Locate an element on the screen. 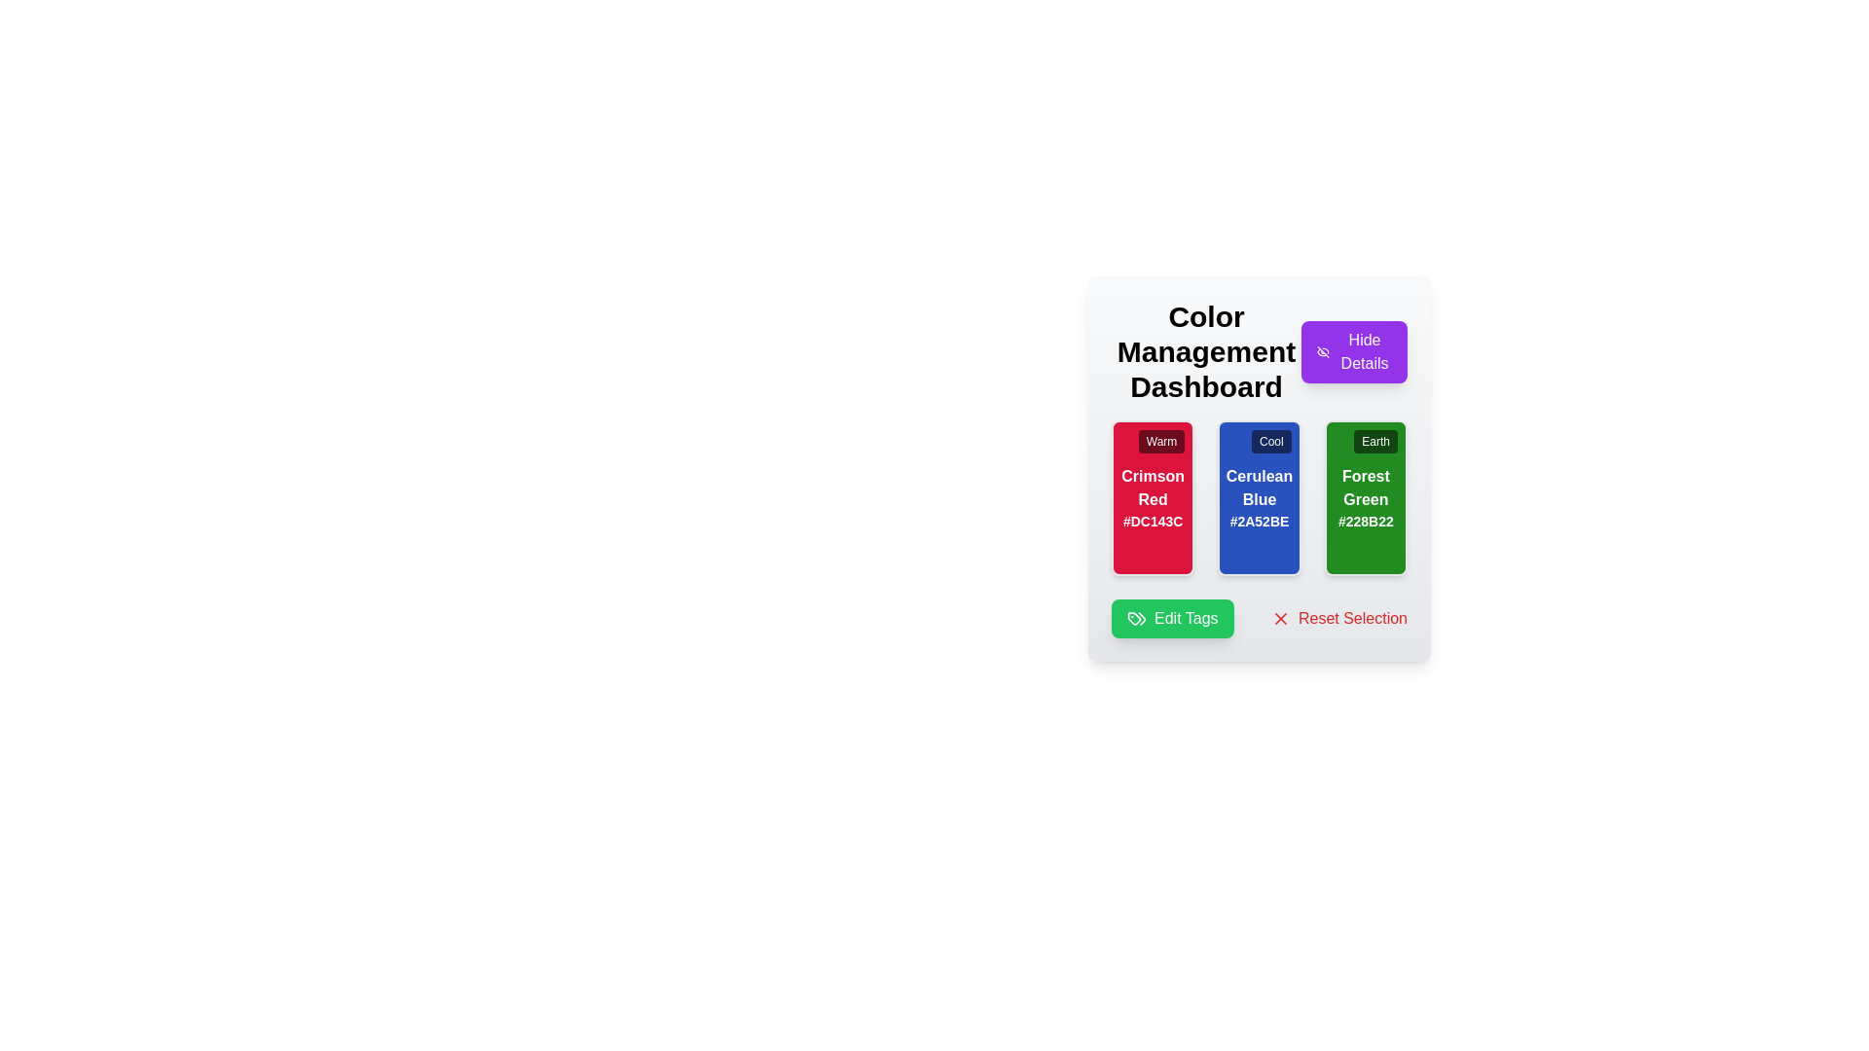  the bold, large title text label reading 'Color Management Dashboard', which is centrally located at the top of the interface, adjacent to the 'Hide Details' button is located at coordinates (1205, 352).